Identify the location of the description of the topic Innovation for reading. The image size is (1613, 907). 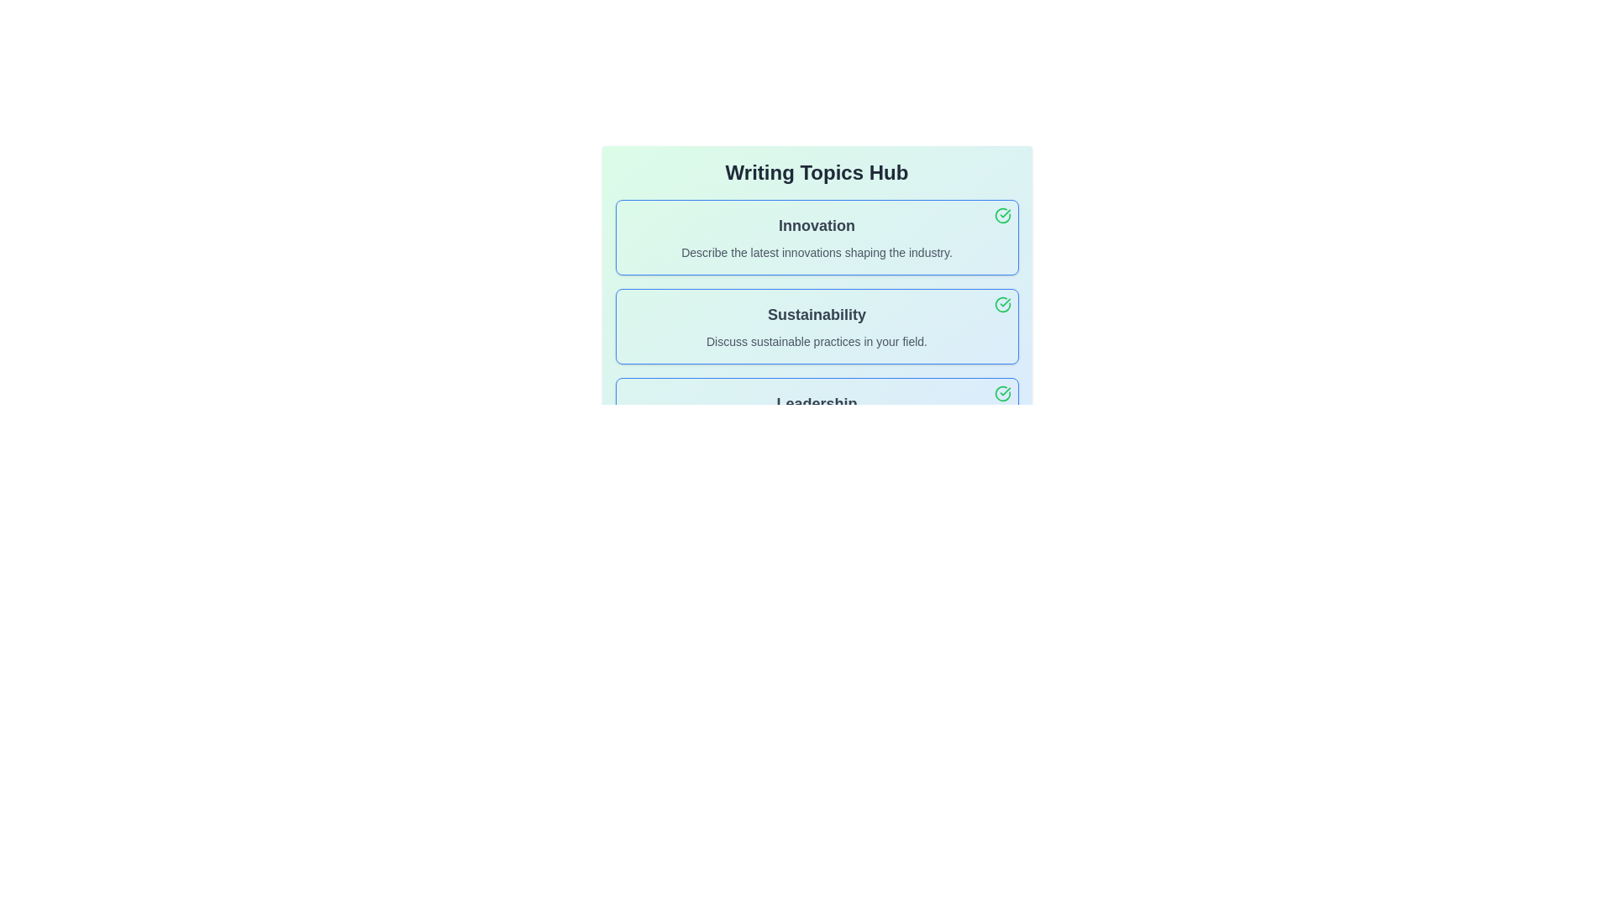
(817, 237).